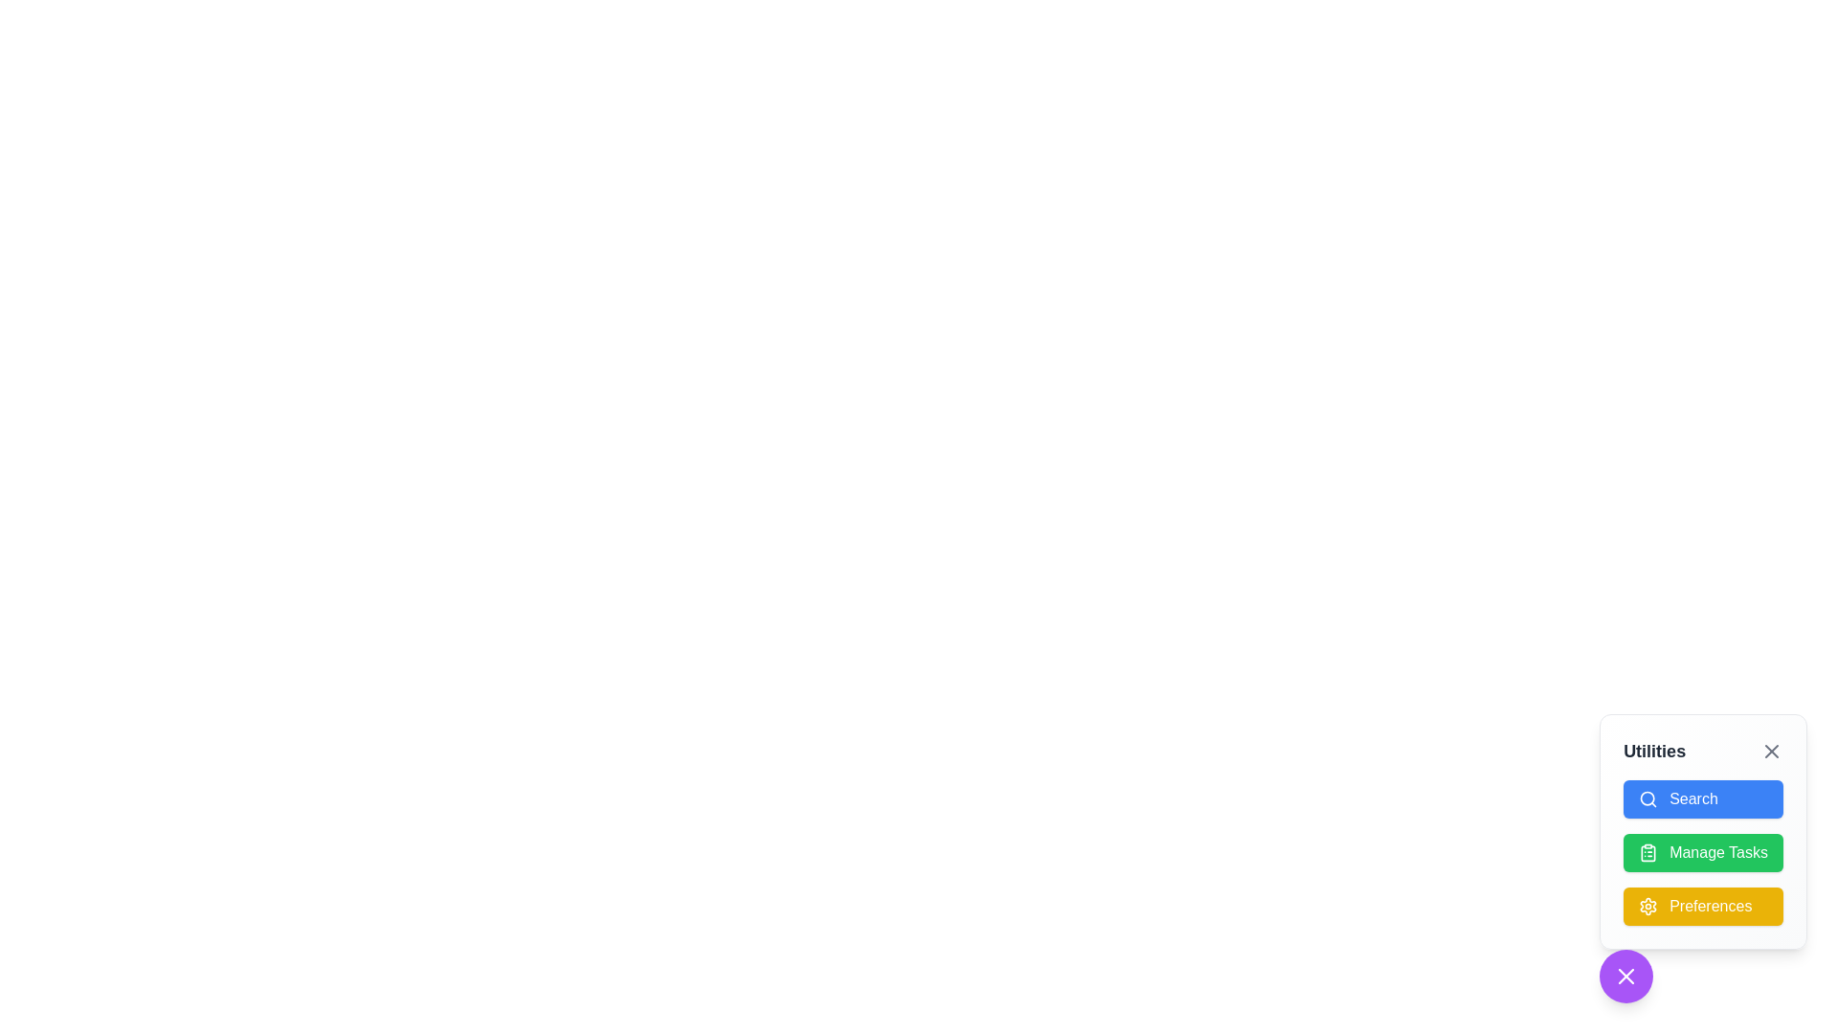 This screenshot has width=1838, height=1034. Describe the element at coordinates (1703, 852) in the screenshot. I see `the task management button located in the Utilities menu, which is the second button in a vertical stack between the blue 'Search' button and the yellow 'Preferences' button, to observe potential hover effects` at that location.